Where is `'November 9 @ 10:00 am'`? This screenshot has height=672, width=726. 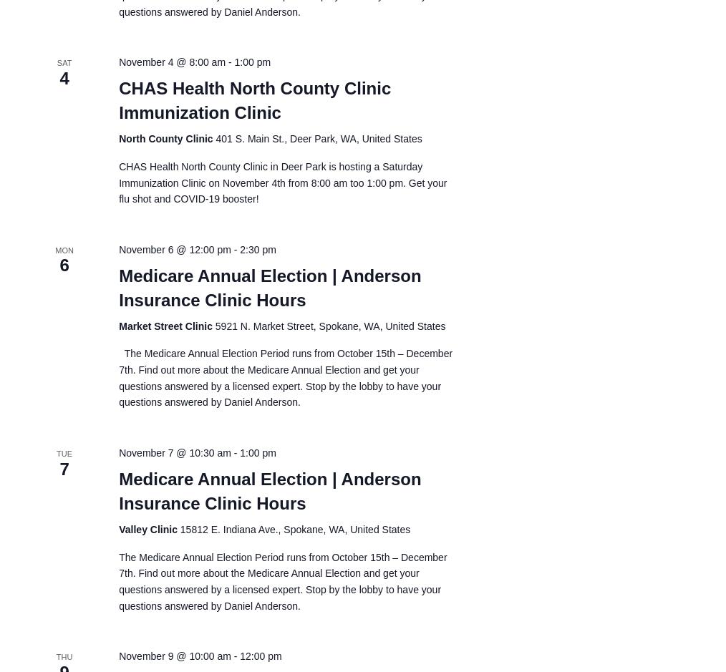 'November 9 @ 10:00 am' is located at coordinates (173, 656).